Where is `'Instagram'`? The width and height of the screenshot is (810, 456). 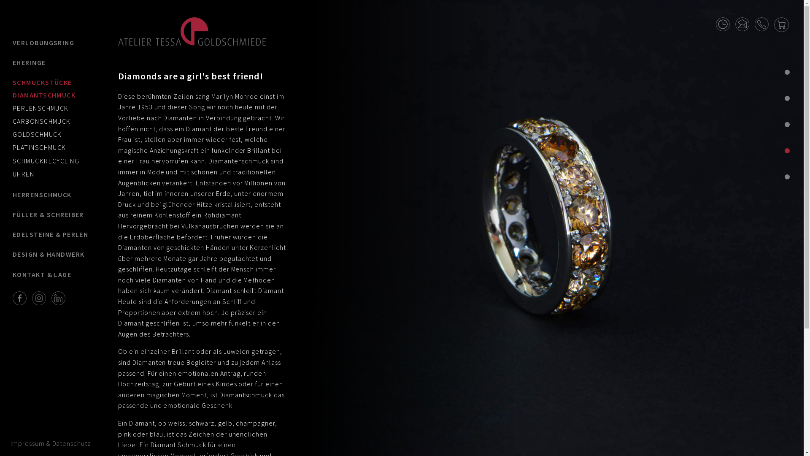
'Instagram' is located at coordinates (38, 297).